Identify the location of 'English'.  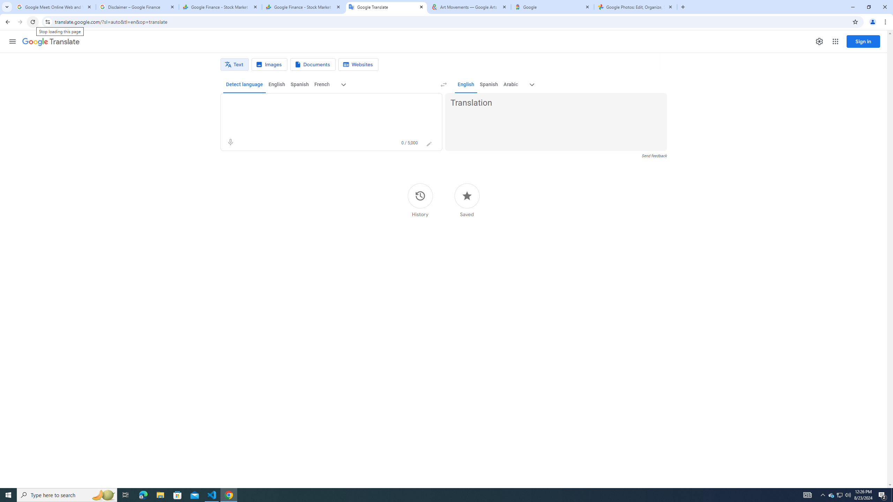
(465, 84).